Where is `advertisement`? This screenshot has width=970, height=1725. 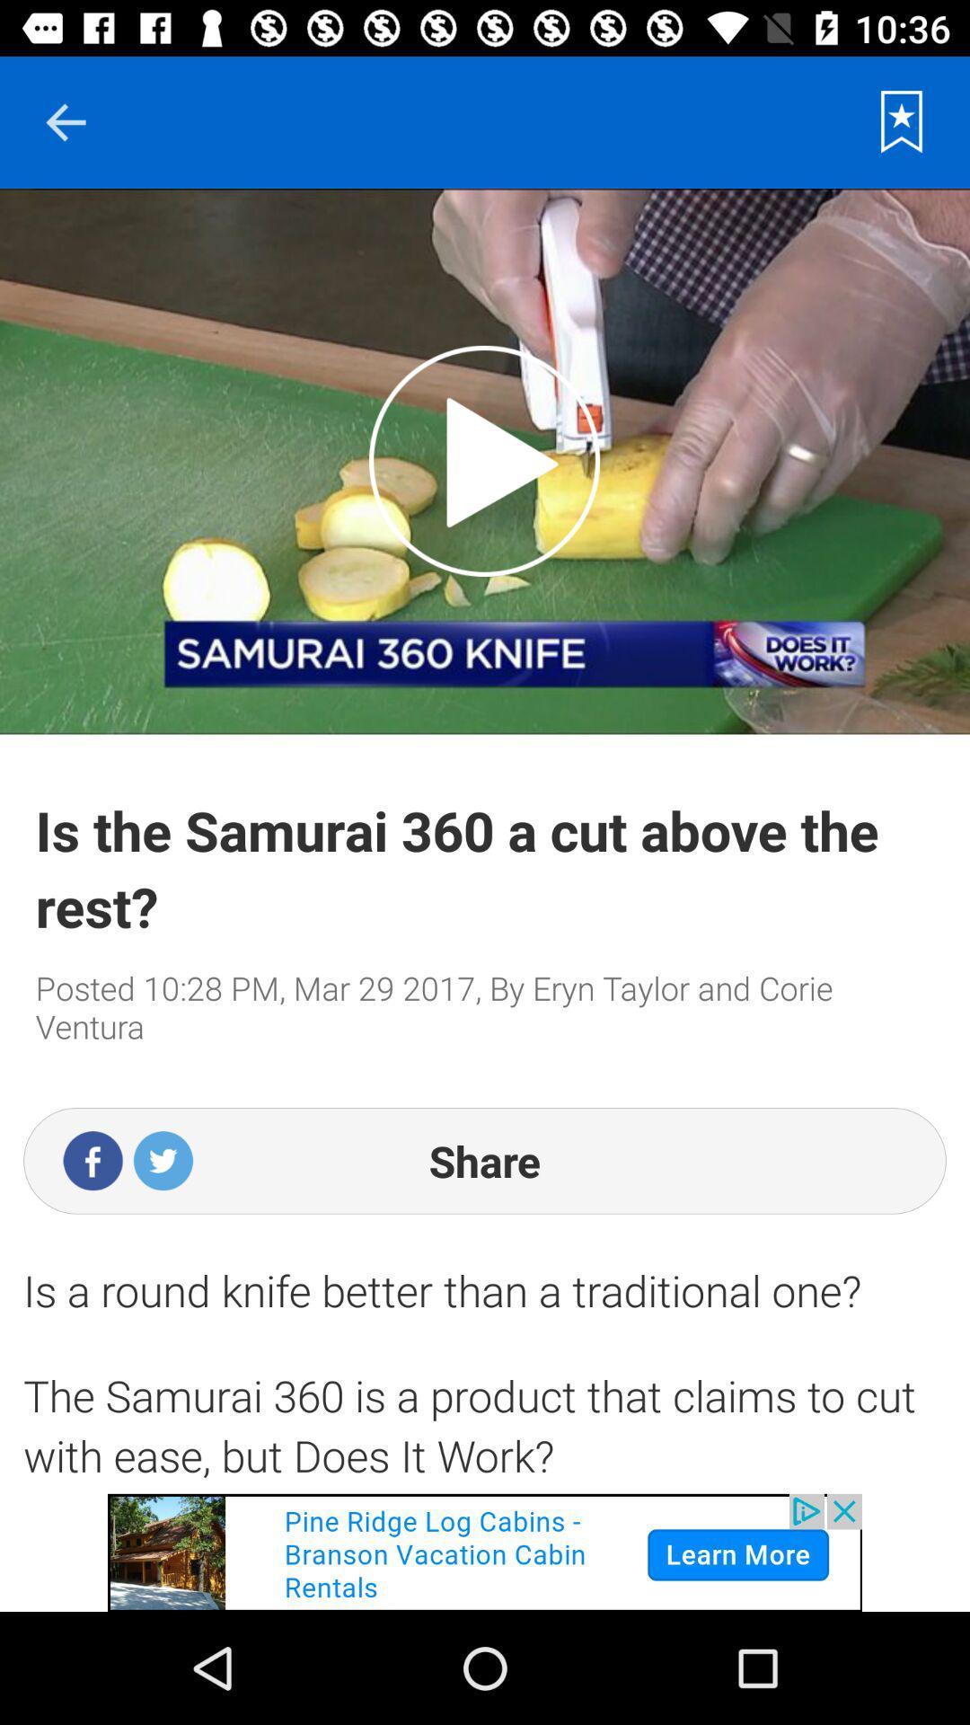 advertisement is located at coordinates (485, 1552).